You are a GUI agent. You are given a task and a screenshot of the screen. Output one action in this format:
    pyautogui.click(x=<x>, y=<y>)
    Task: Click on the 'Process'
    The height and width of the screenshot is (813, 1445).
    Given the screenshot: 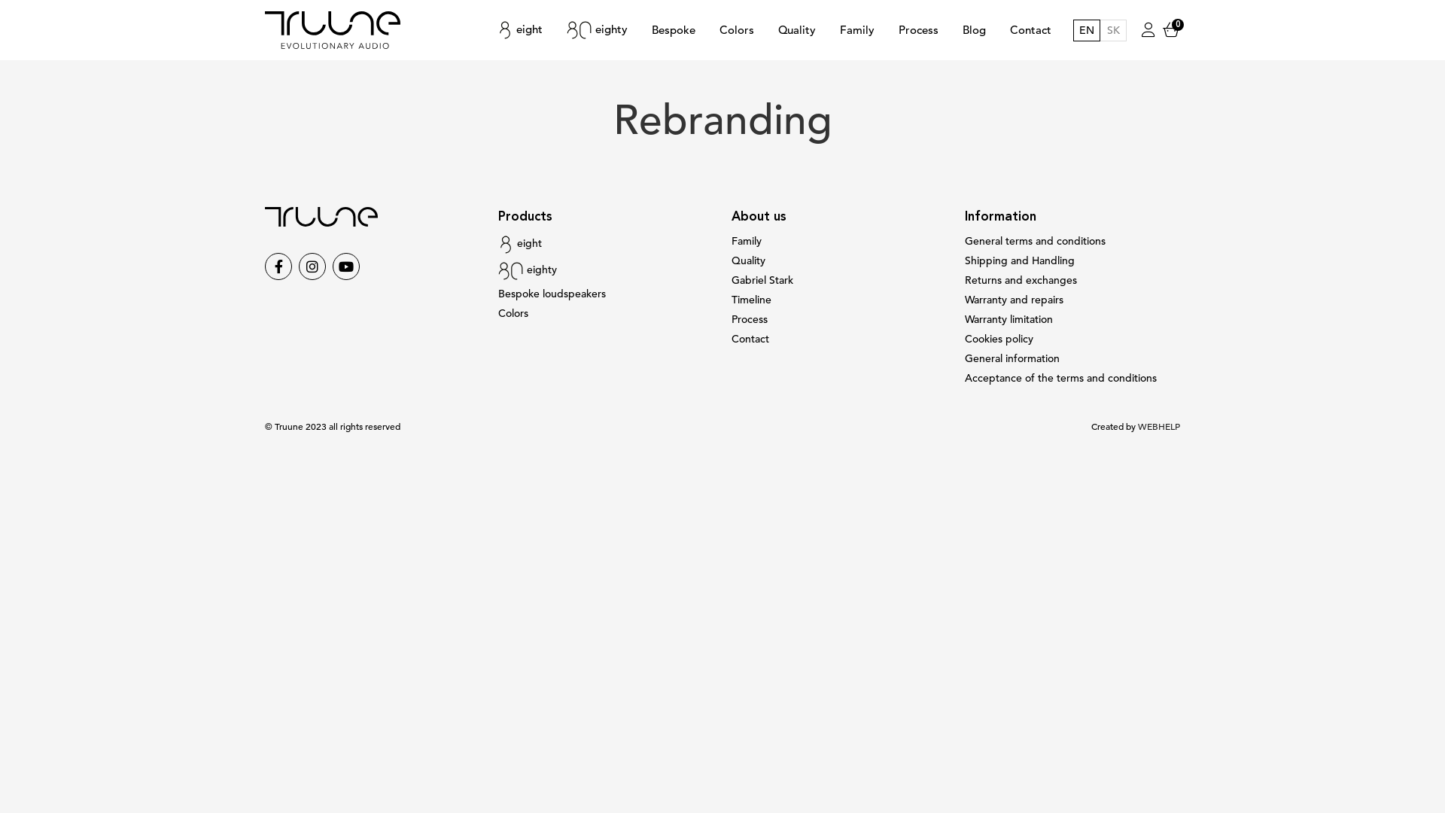 What is the action you would take?
    pyautogui.click(x=731, y=318)
    